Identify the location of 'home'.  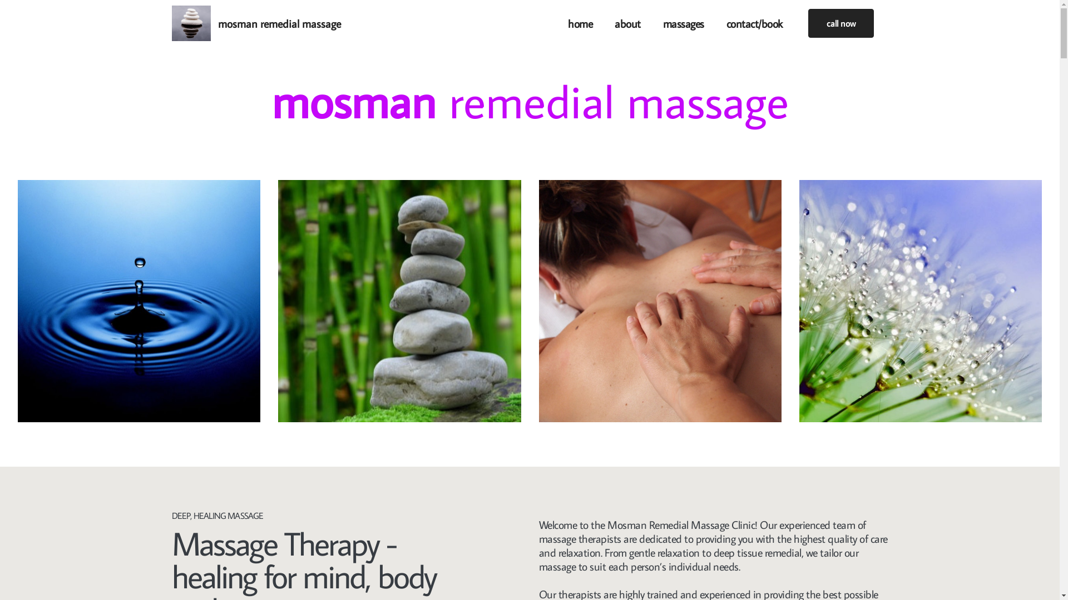
(579, 23).